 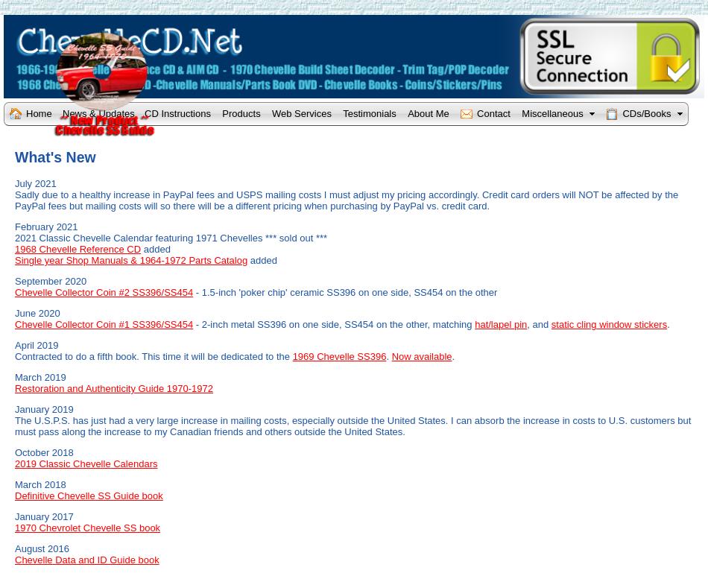 What do you see at coordinates (104, 323) in the screenshot?
I see `'Chevelle Collector Coin #1 SS396/SS454'` at bounding box center [104, 323].